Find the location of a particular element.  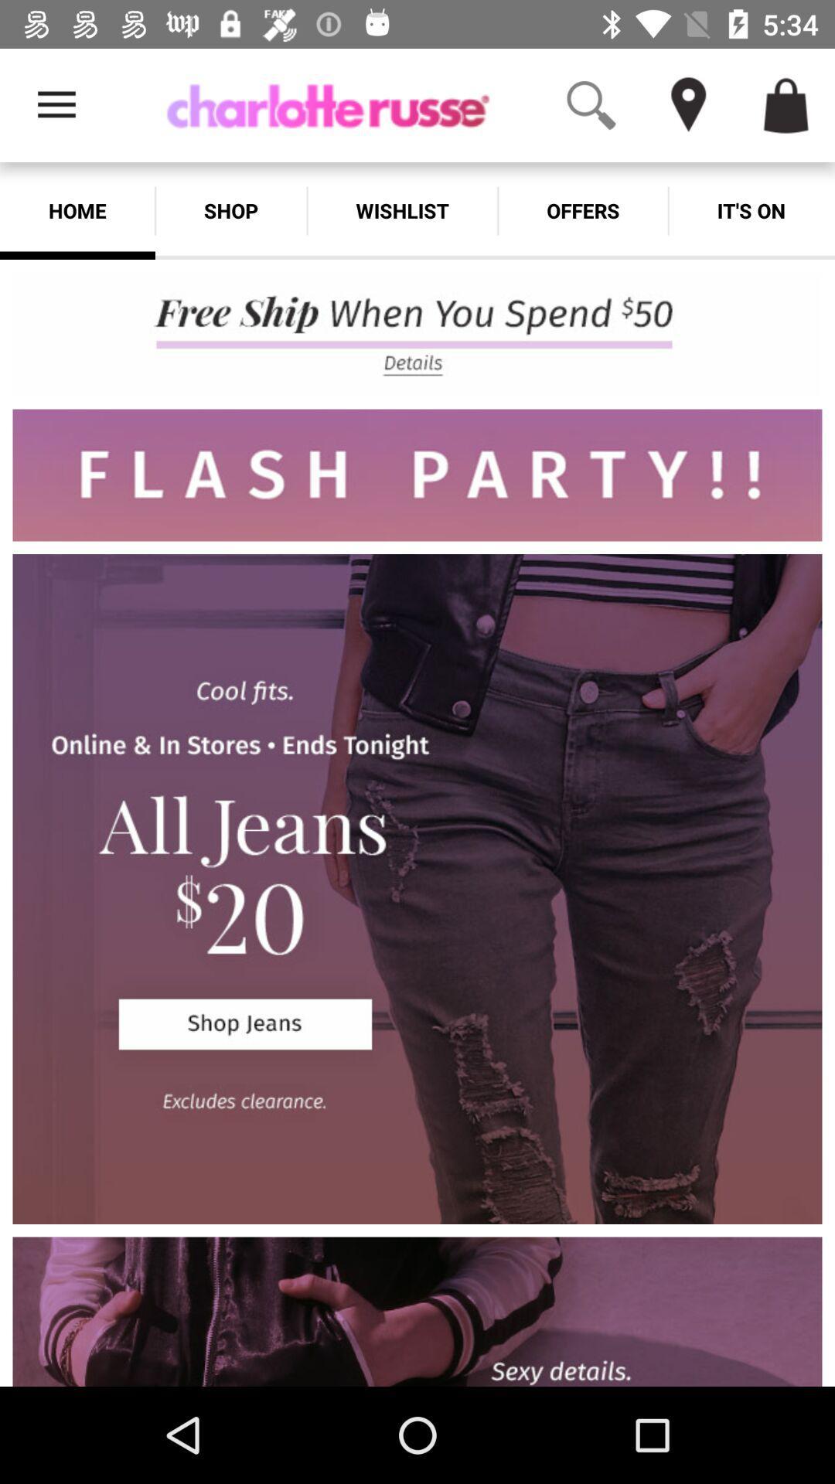

icon next to shop is located at coordinates (77, 210).